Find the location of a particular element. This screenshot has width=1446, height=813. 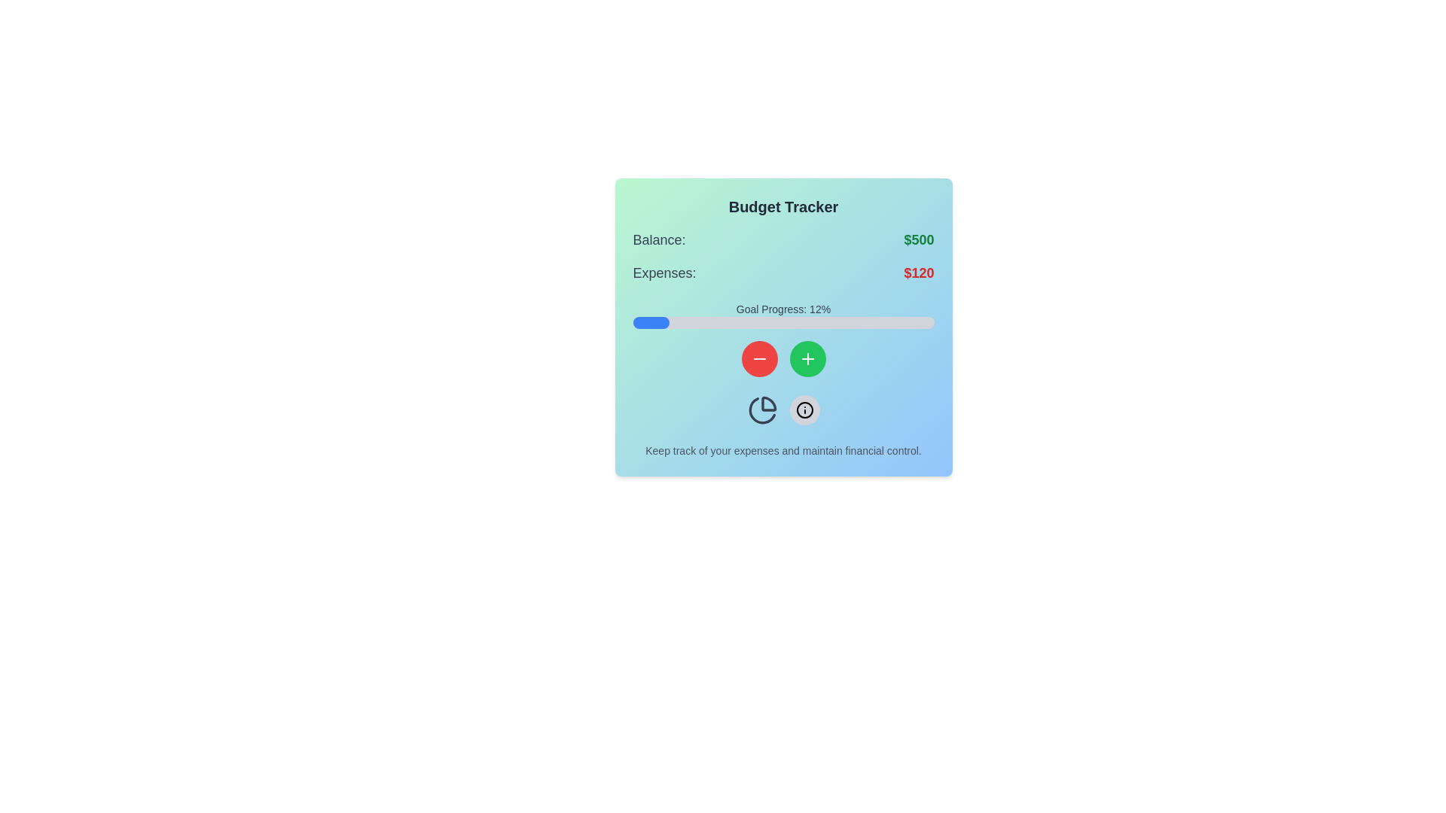

the circular green button with a white plus icon to increase a value is located at coordinates (807, 359).